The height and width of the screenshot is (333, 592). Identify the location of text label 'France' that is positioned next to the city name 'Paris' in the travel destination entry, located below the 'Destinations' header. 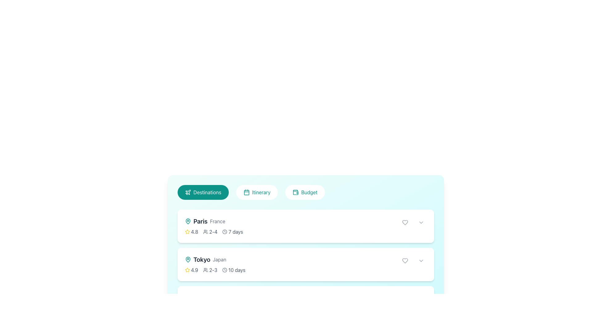
(217, 221).